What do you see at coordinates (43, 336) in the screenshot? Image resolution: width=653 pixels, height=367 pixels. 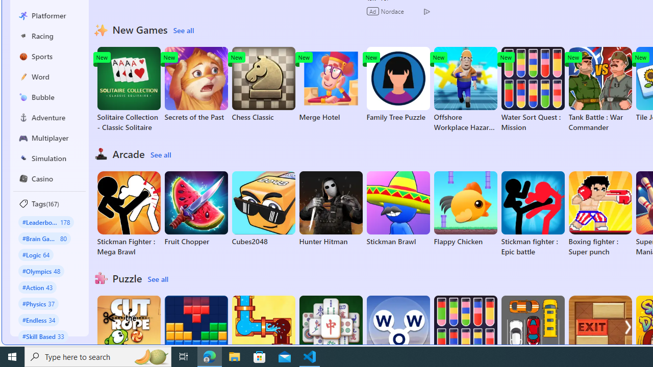 I see `'#Skill Based 33'` at bounding box center [43, 336].